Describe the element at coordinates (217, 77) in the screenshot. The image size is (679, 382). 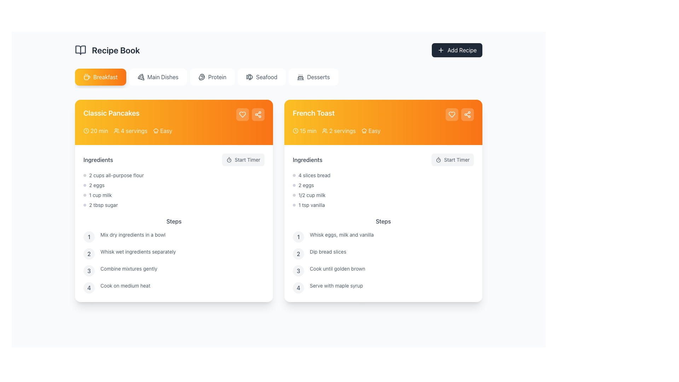
I see `the 'Protein' category selector in the navigation bar to filter the displayed recipes accordingly` at that location.